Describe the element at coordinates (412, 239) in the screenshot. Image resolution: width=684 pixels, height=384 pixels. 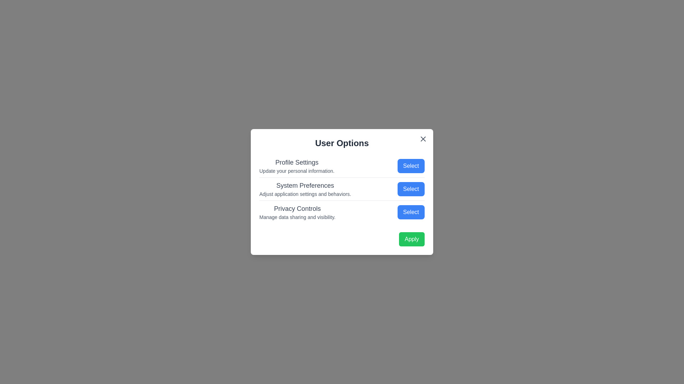
I see `the 'Apply' button to apply the selected settings` at that location.